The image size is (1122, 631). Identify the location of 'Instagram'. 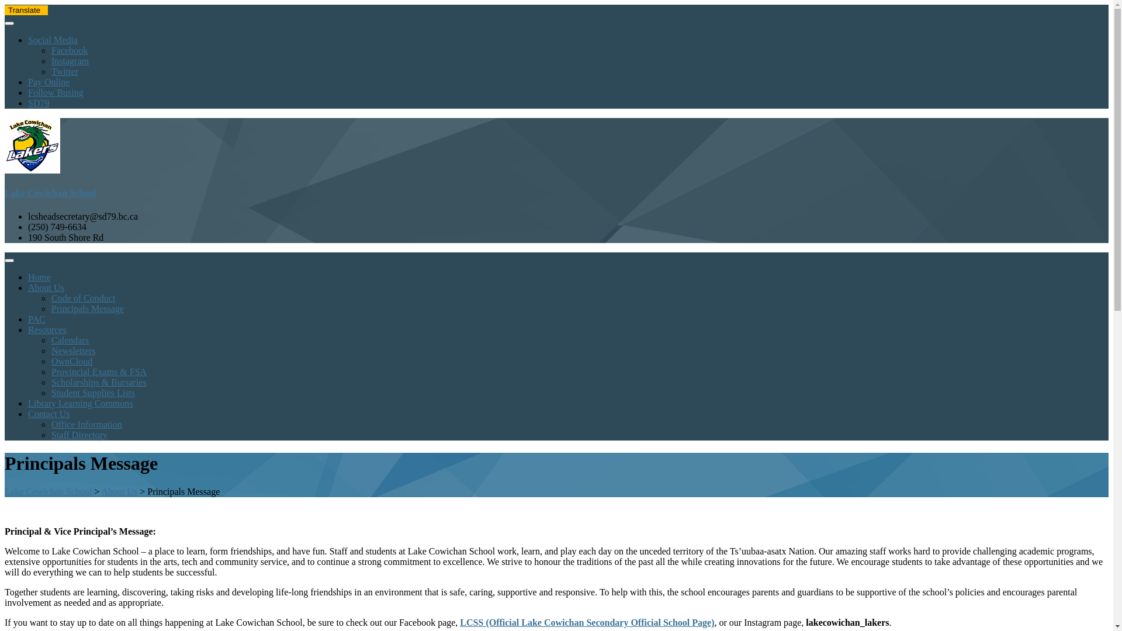
(70, 61).